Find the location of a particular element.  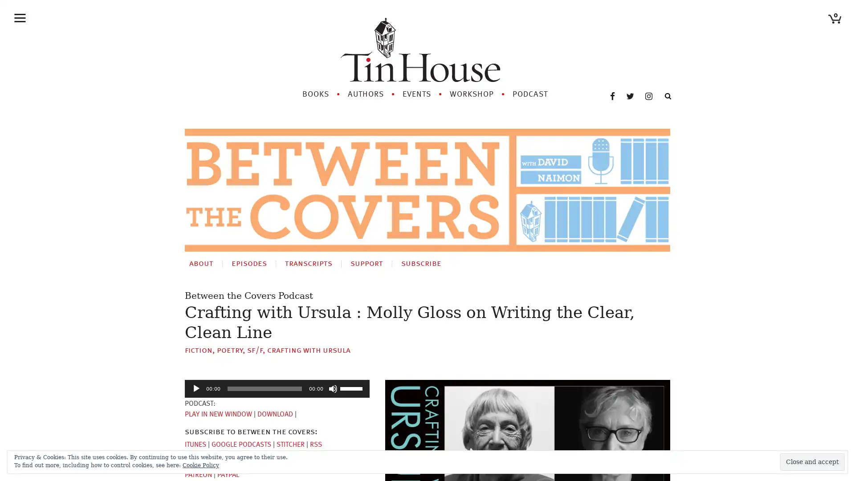

Close and accept is located at coordinates (812, 461).